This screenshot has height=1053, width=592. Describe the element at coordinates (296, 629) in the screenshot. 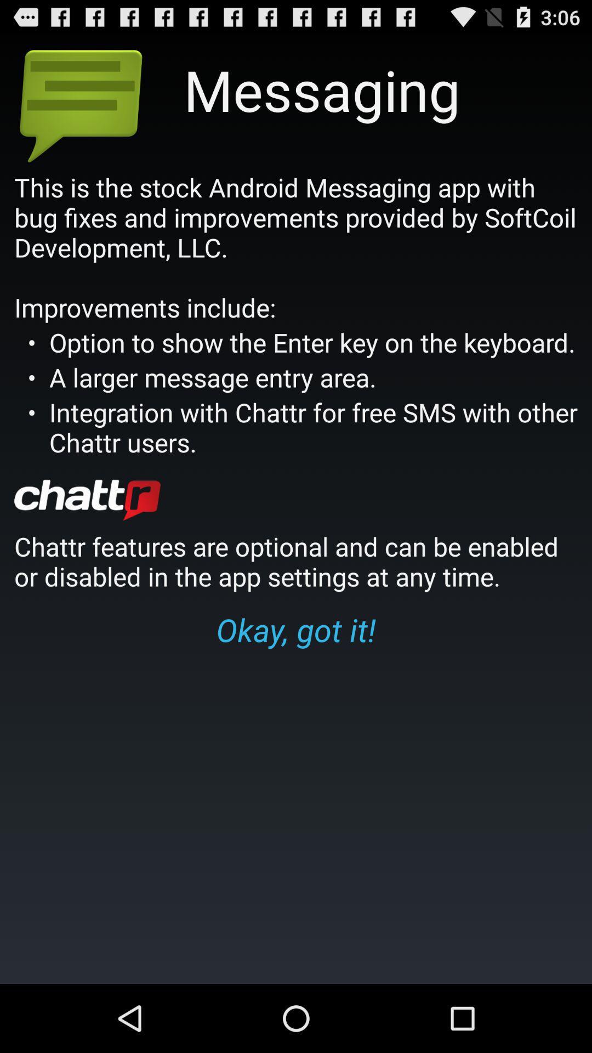

I see `the okay, got it!` at that location.